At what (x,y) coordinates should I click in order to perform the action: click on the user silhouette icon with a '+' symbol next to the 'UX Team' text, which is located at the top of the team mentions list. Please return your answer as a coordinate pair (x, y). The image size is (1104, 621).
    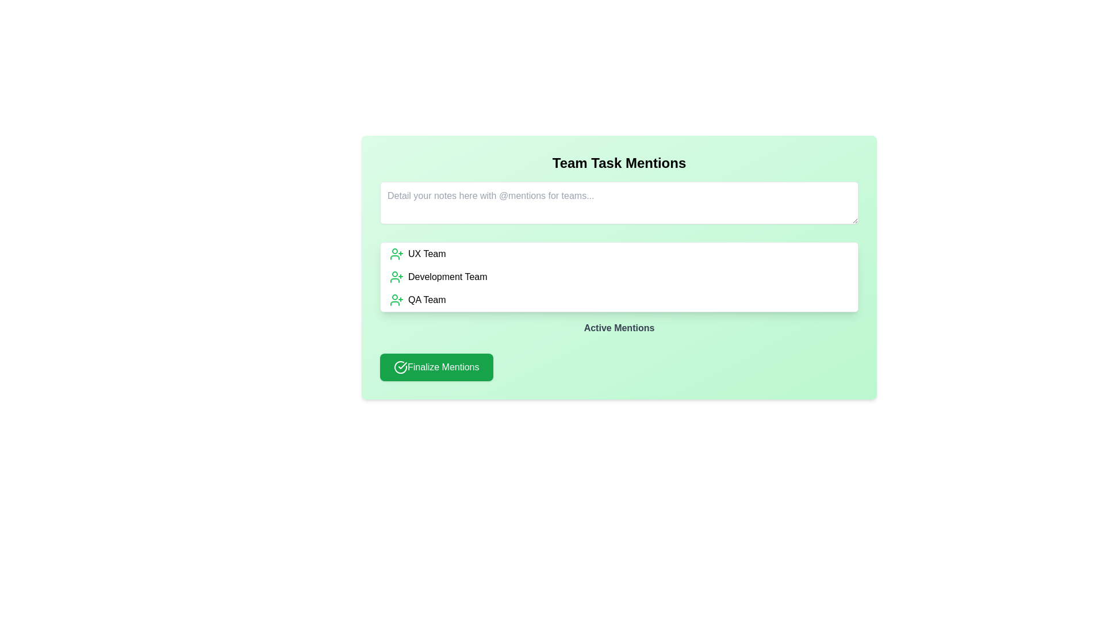
    Looking at the image, I should click on (397, 254).